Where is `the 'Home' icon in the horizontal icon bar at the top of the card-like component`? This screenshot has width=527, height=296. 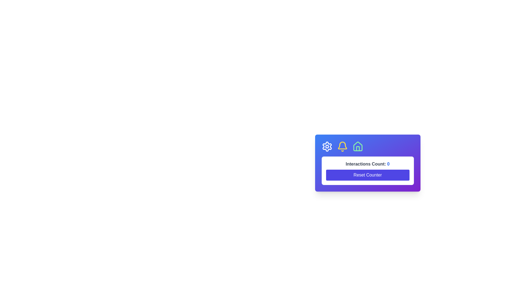 the 'Home' icon in the horizontal icon bar at the top of the card-like component is located at coordinates (358, 146).